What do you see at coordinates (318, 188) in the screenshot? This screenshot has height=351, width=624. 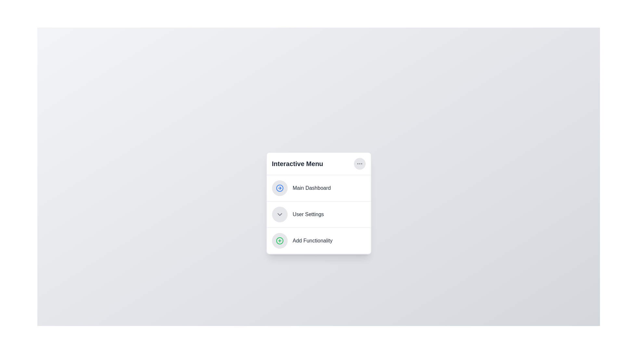 I see `the menu item Main Dashboard to navigate` at bounding box center [318, 188].